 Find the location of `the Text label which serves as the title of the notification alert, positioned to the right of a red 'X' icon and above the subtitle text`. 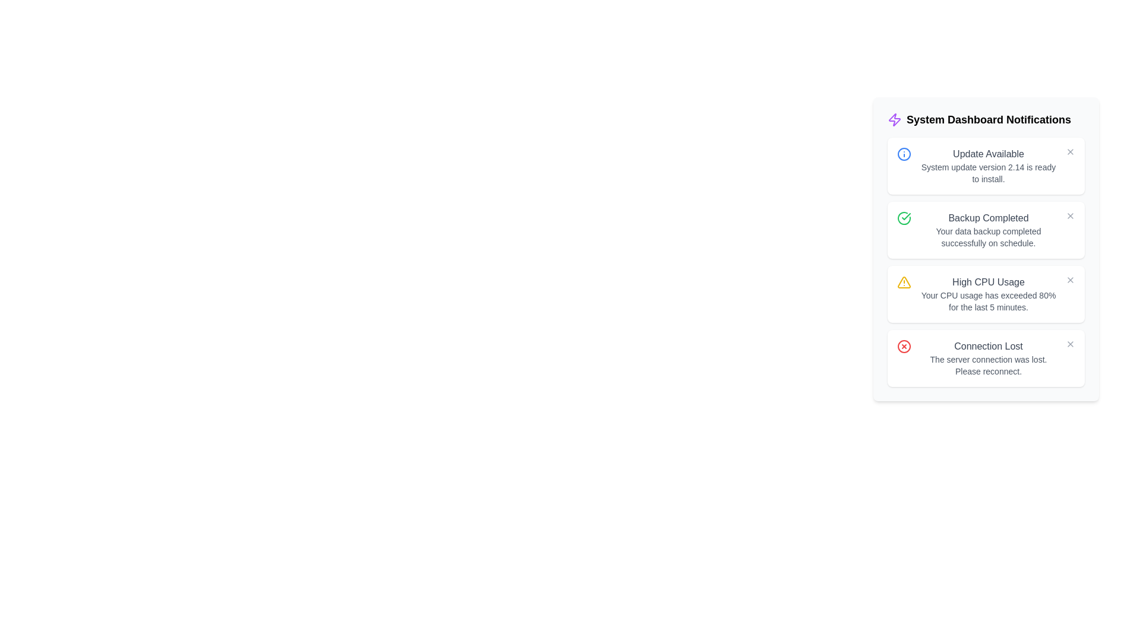

the Text label which serves as the title of the notification alert, positioned to the right of a red 'X' icon and above the subtitle text is located at coordinates (989, 346).